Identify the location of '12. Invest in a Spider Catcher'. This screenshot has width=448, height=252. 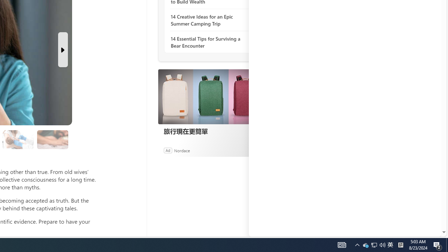
(52, 140).